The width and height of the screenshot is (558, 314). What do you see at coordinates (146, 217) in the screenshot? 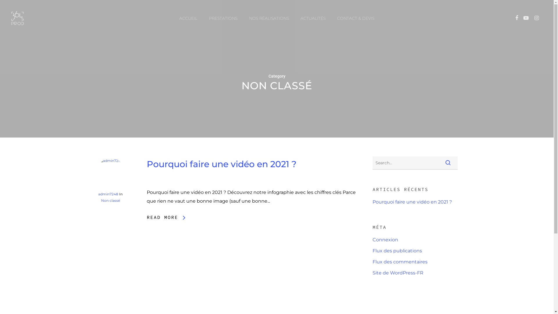
I see `'READ MORE'` at bounding box center [146, 217].